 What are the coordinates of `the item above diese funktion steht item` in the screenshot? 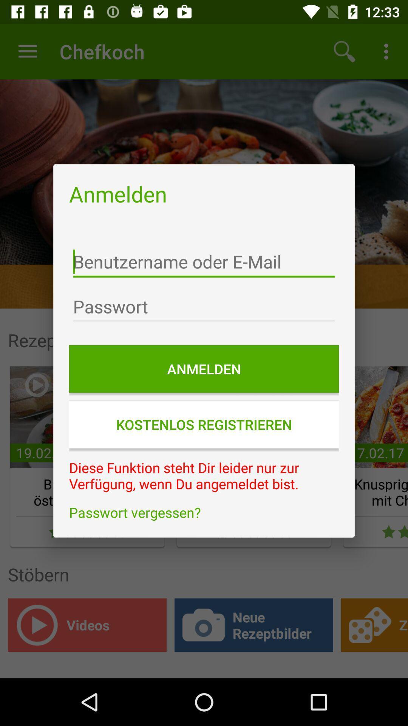 It's located at (204, 424).